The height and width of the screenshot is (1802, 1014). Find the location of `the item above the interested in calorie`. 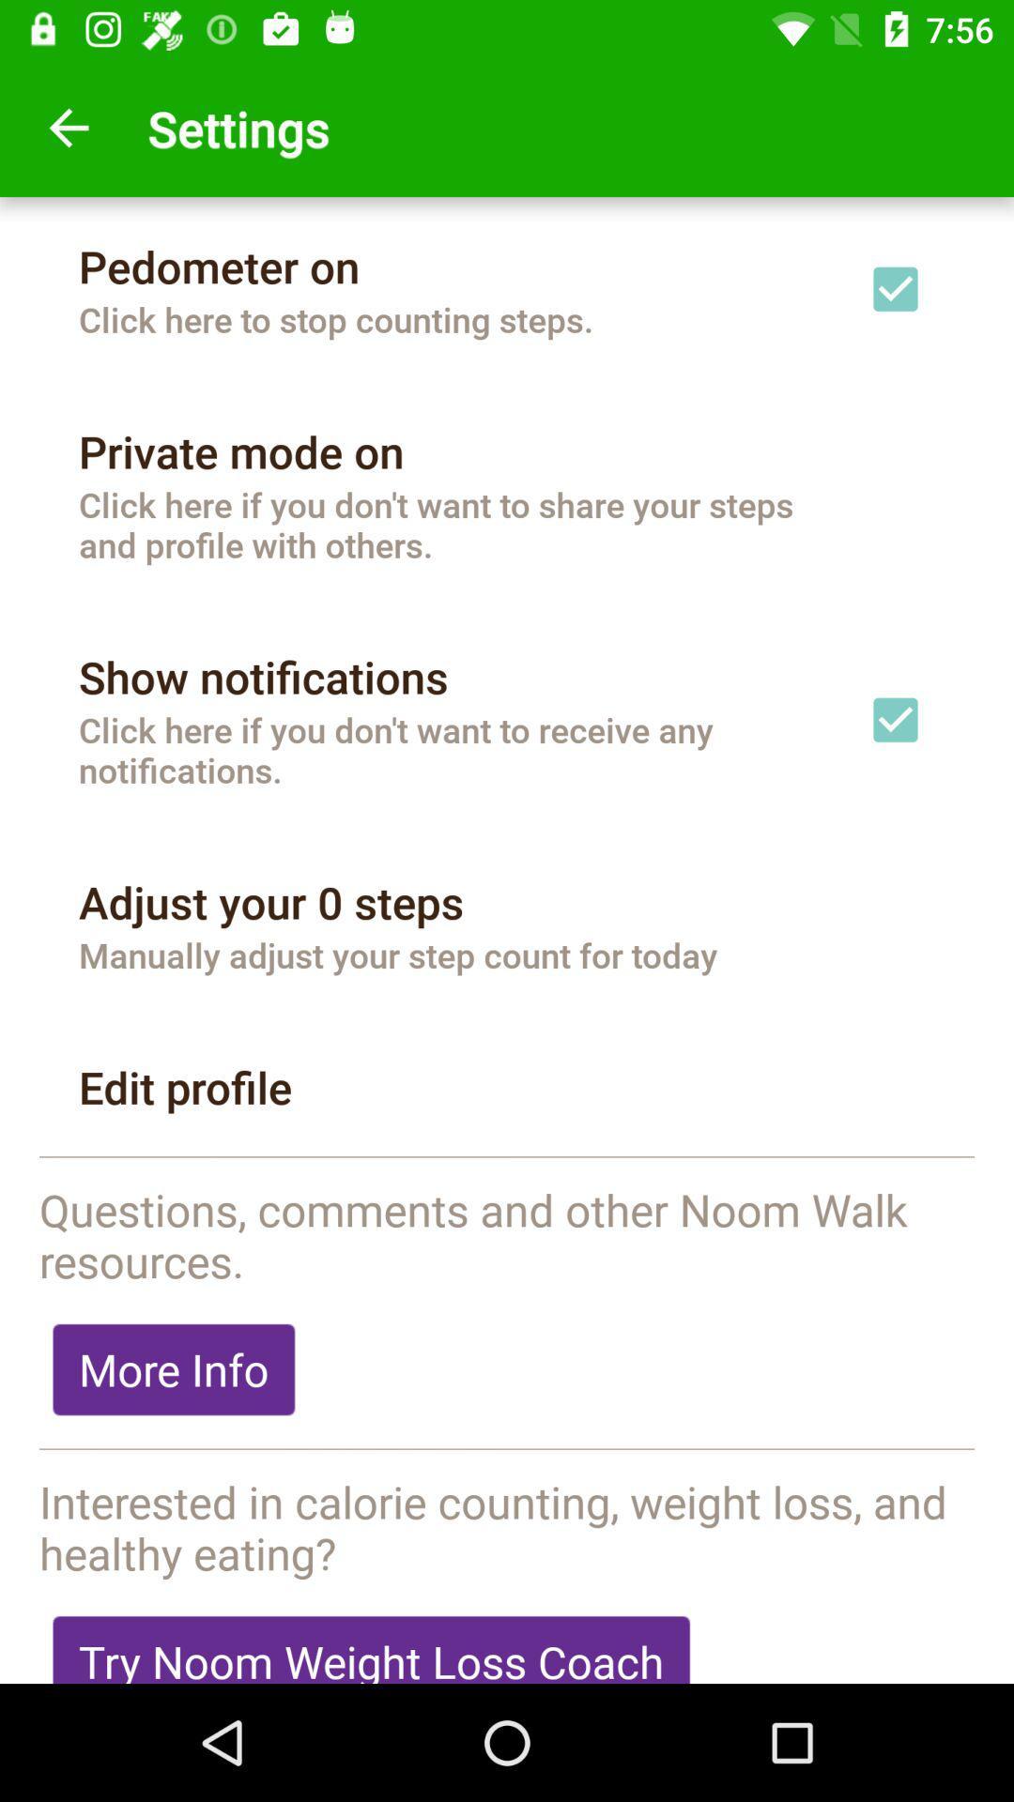

the item above the interested in calorie is located at coordinates (507, 1449).